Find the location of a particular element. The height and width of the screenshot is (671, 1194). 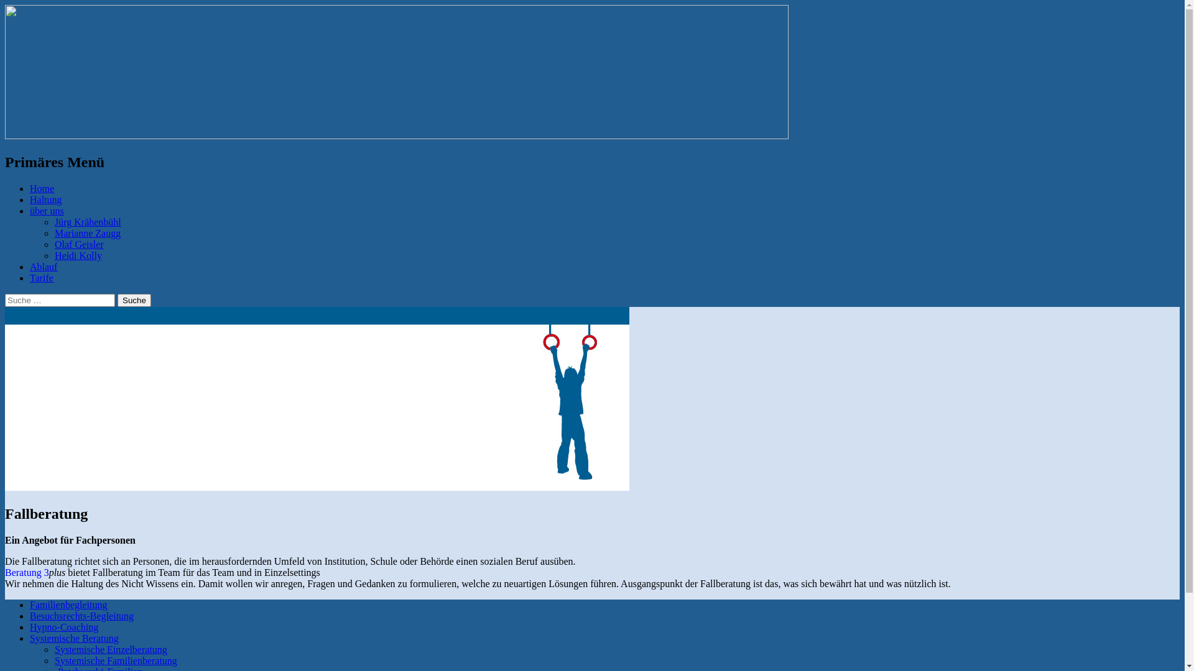

'Systemische Einzelberatung' is located at coordinates (111, 649).